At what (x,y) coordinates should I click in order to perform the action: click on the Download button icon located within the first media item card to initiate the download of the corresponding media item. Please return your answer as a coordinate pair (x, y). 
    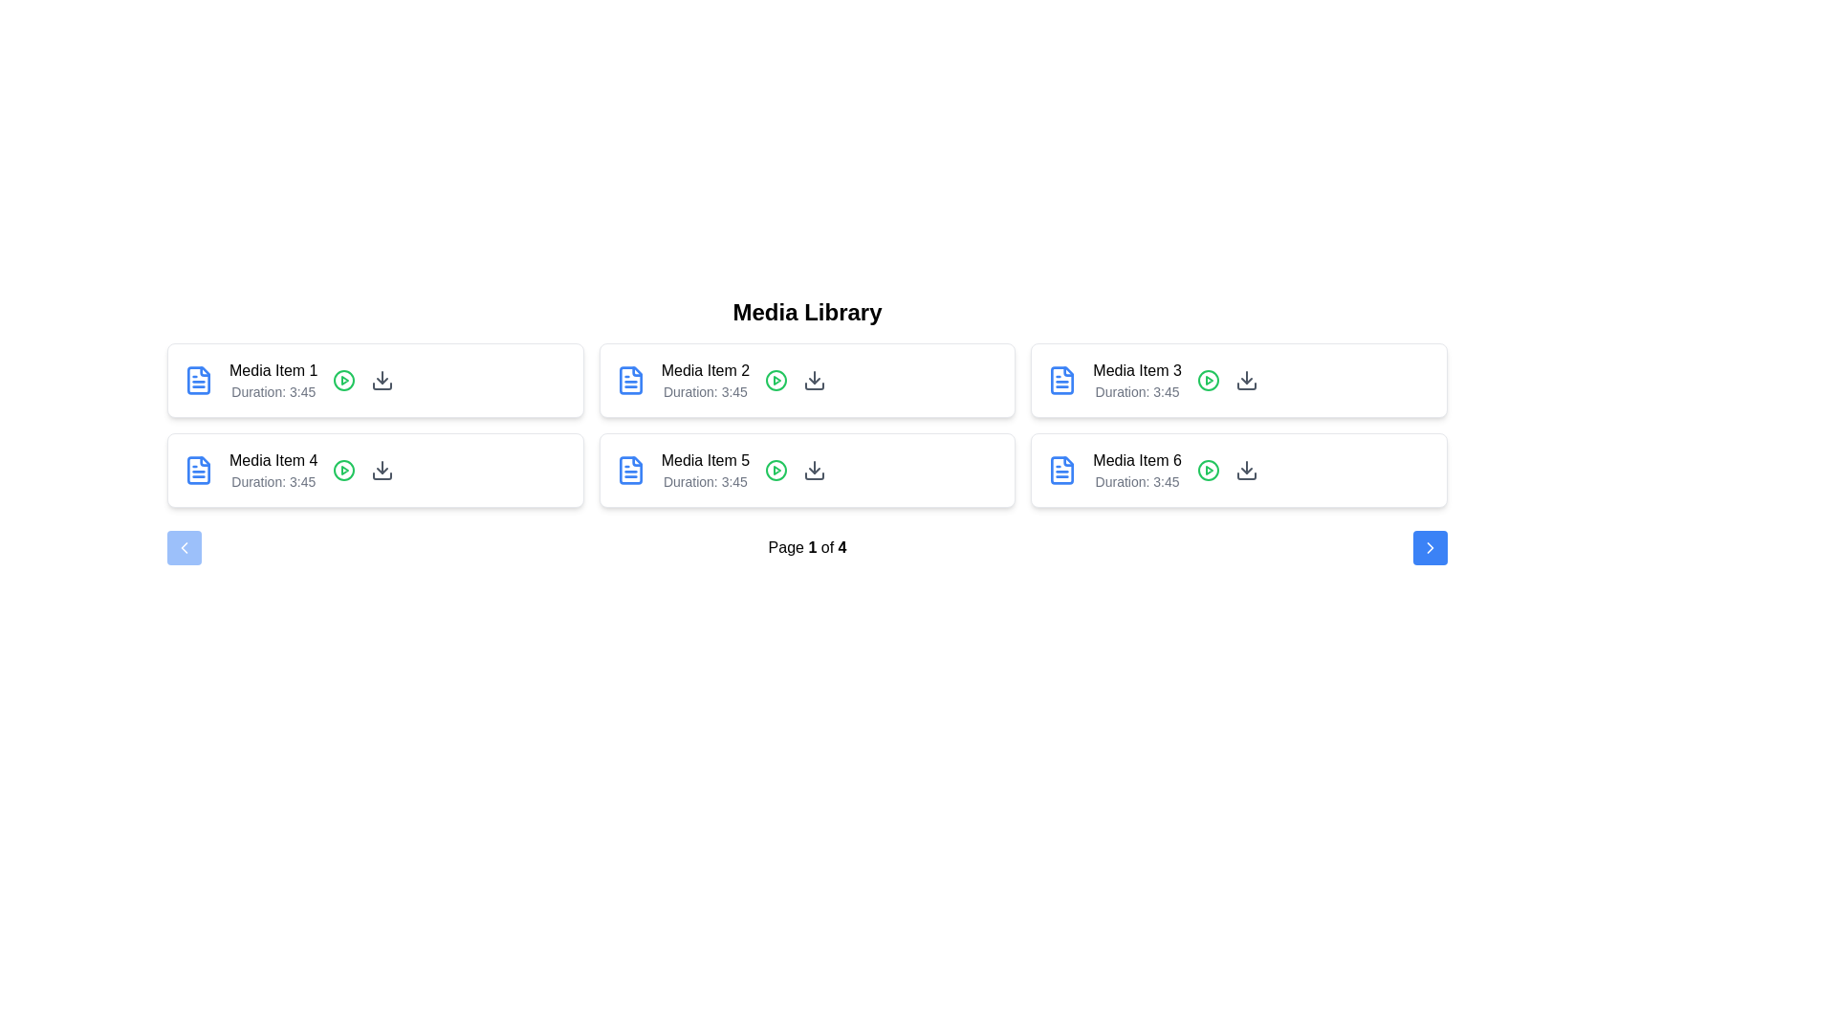
    Looking at the image, I should click on (382, 380).